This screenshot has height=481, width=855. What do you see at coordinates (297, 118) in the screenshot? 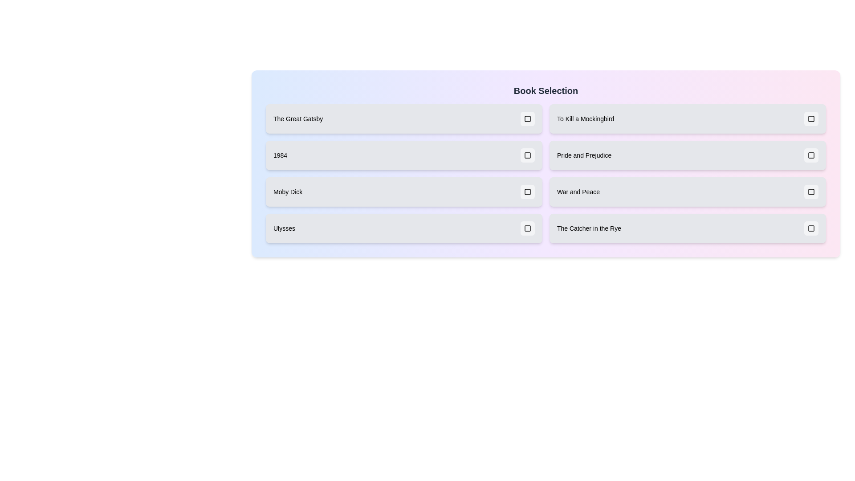
I see `the text of the book title 'The Great Gatsby'` at bounding box center [297, 118].